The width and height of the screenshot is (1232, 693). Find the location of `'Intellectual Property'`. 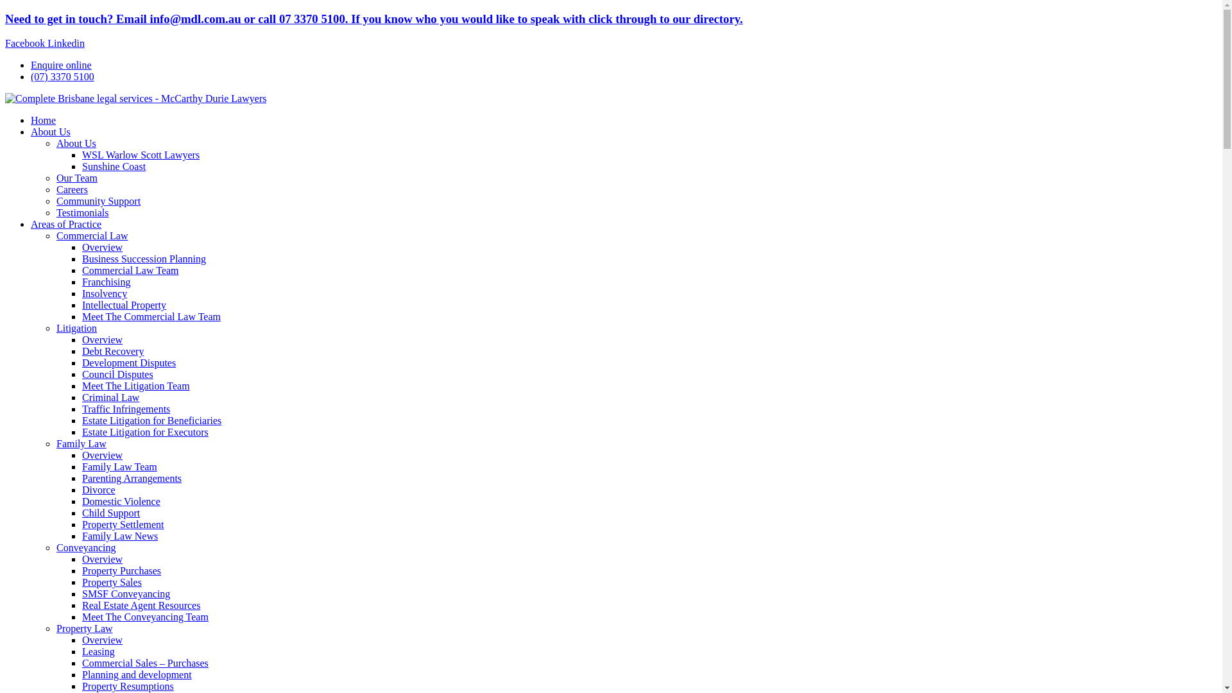

'Intellectual Property' is located at coordinates (81, 305).